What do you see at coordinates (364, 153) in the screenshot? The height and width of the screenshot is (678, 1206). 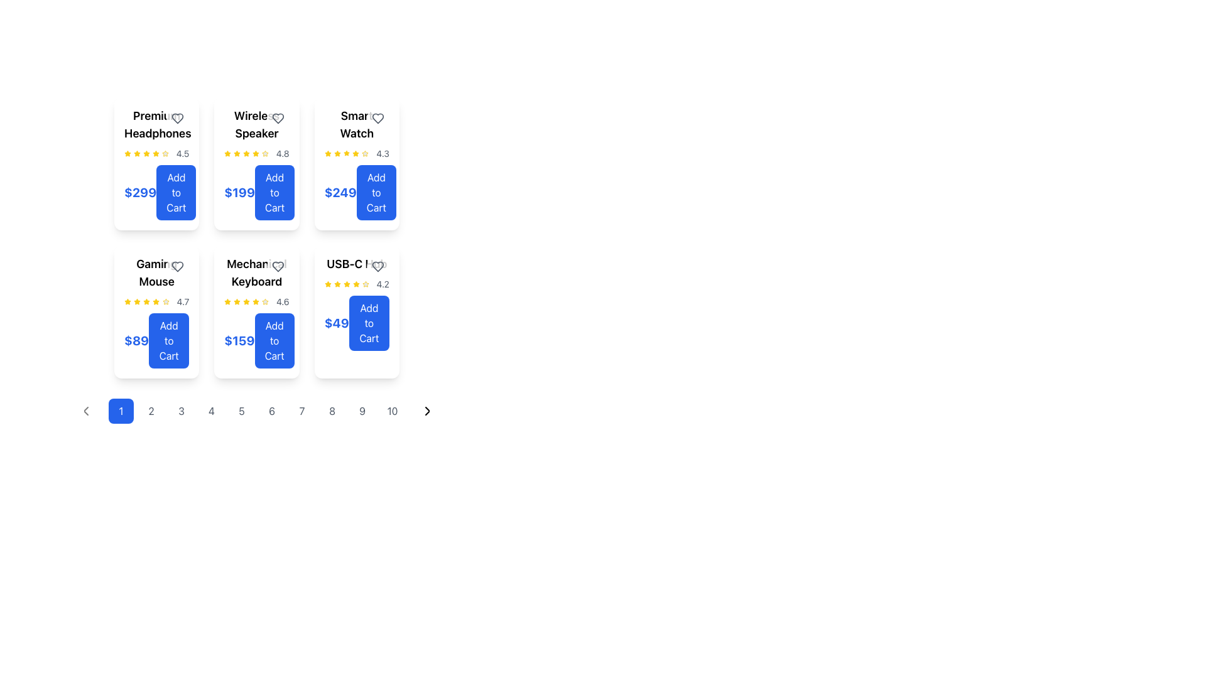 I see `the rating star icon representing the product 'Smart Watch', which is located to the right of the average rating value (4.3) in the top section of the card` at bounding box center [364, 153].